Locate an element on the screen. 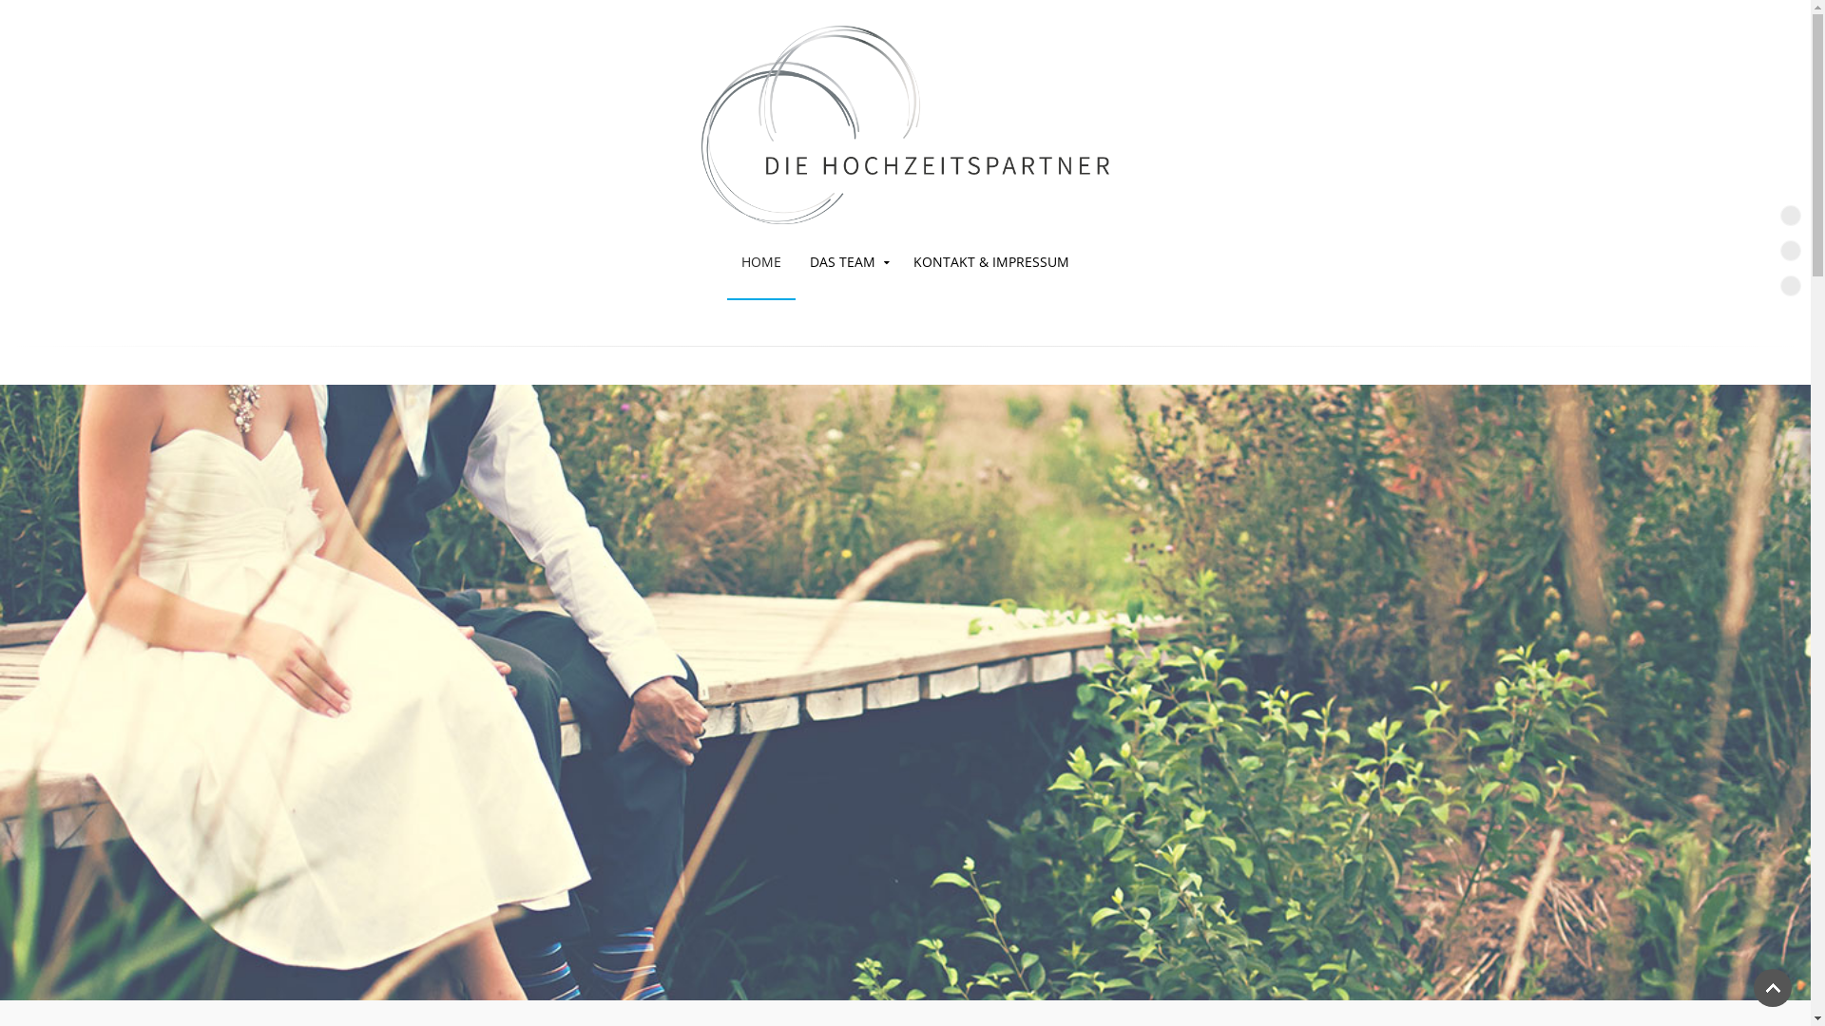 Image resolution: width=1825 pixels, height=1026 pixels. 'KONTAKT & IMPRESSUM' is located at coordinates (897, 262).